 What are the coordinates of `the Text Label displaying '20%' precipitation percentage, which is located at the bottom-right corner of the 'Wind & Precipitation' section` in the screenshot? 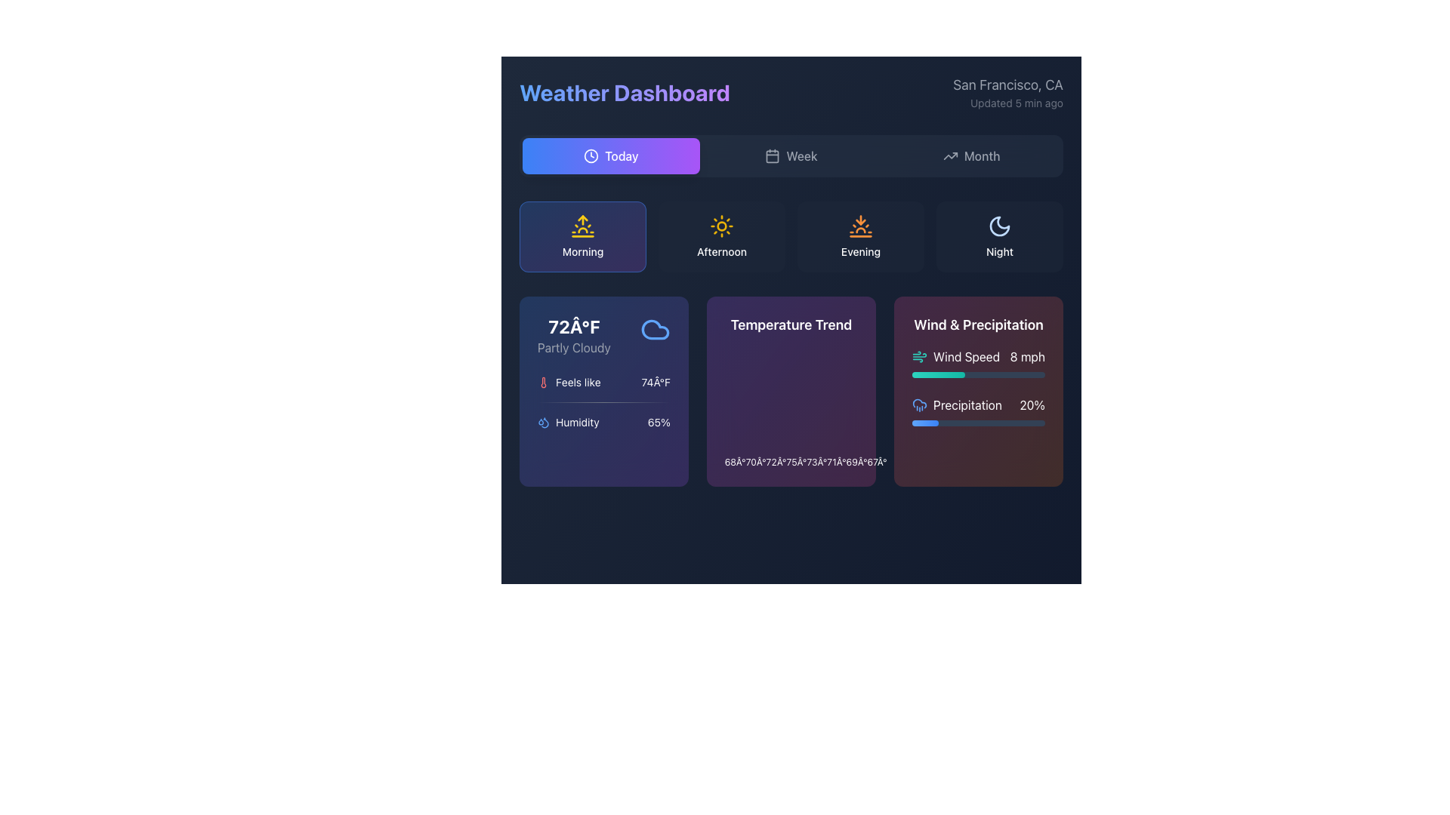 It's located at (1032, 404).